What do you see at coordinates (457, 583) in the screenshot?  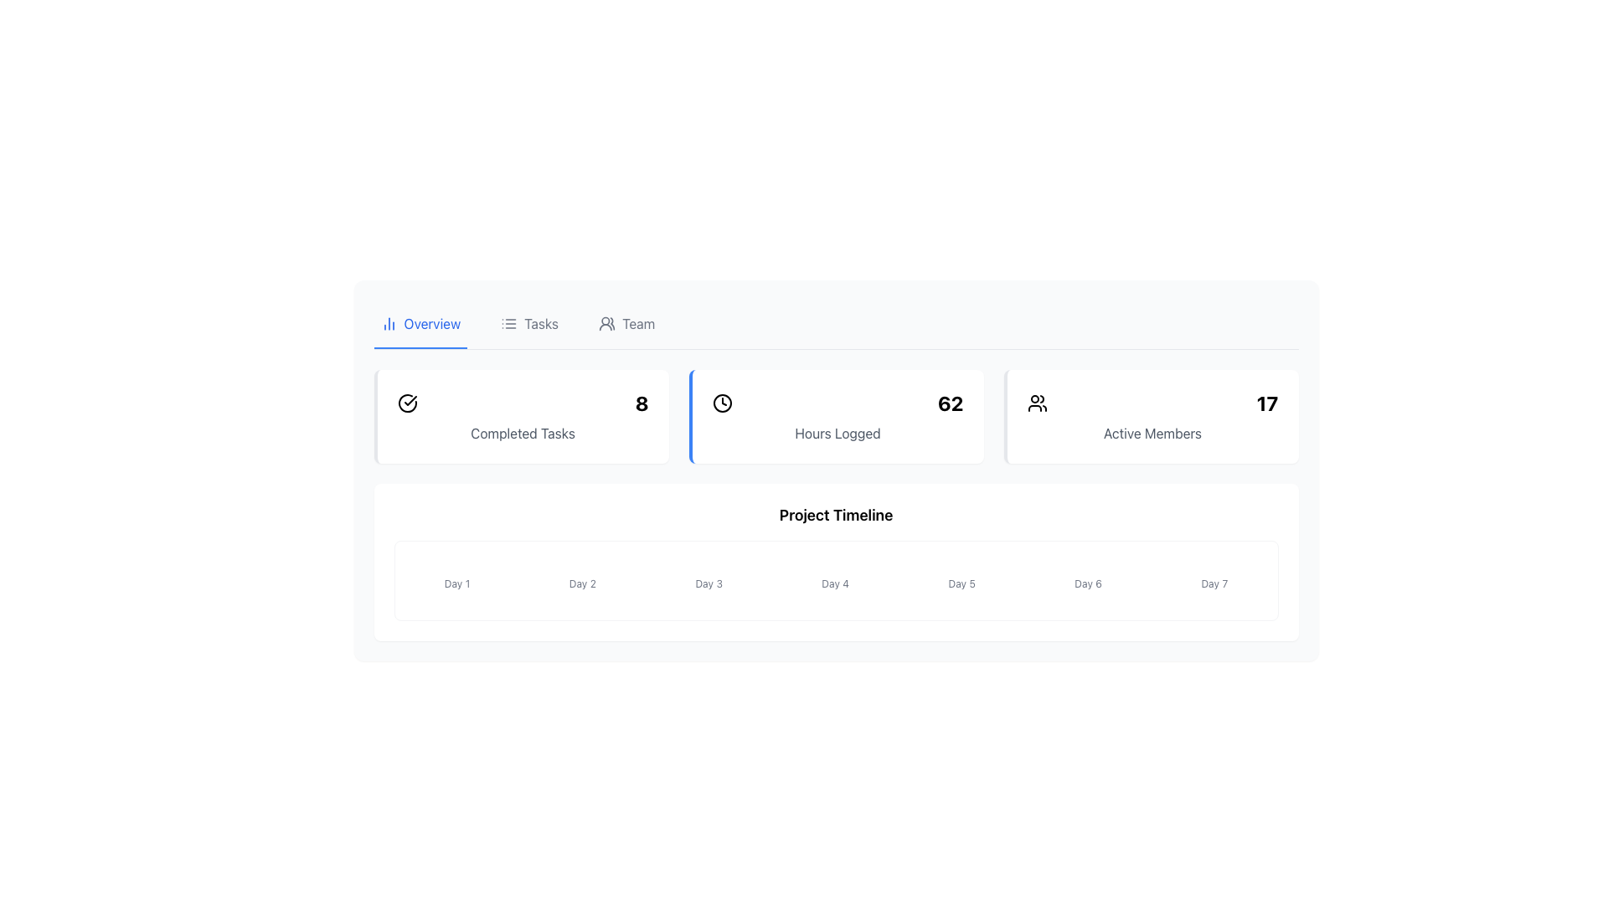 I see `the text label that signifies the first day in the timeline section, located below the circular indicator element` at bounding box center [457, 583].